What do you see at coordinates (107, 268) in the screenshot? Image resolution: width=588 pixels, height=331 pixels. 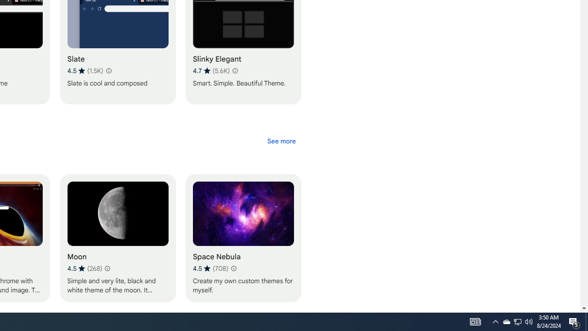 I see `'Learn more about results and reviews "Moon"'` at bounding box center [107, 268].